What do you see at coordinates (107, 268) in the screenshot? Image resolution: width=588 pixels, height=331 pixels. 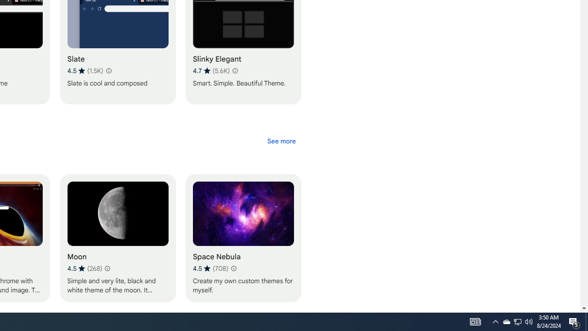 I see `'Learn more about results and reviews "Moon"'` at bounding box center [107, 268].